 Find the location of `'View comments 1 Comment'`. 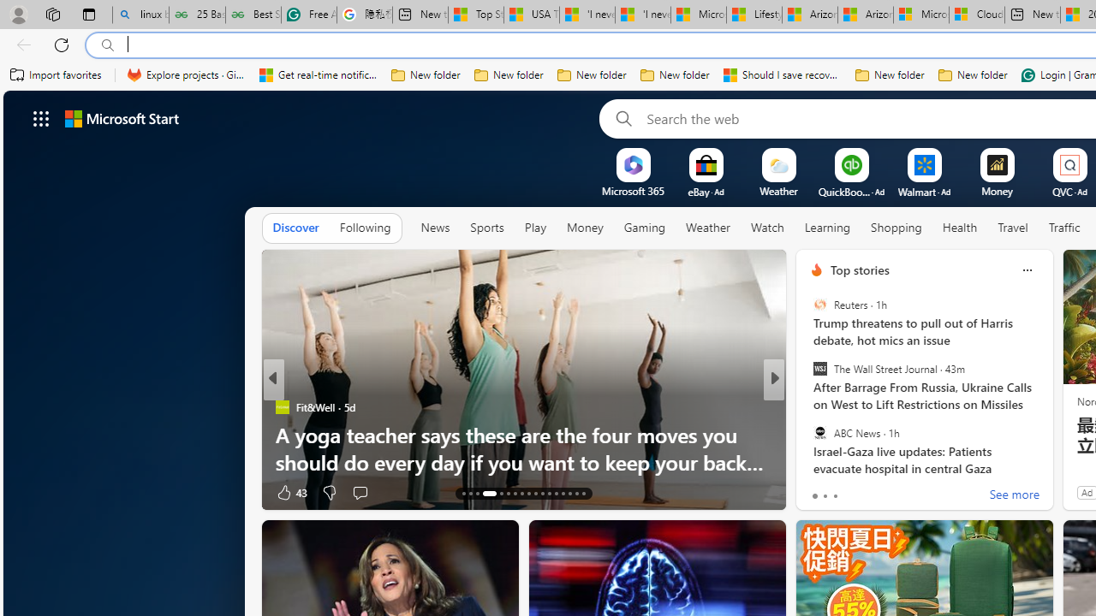

'View comments 1 Comment' is located at coordinates (890, 492).